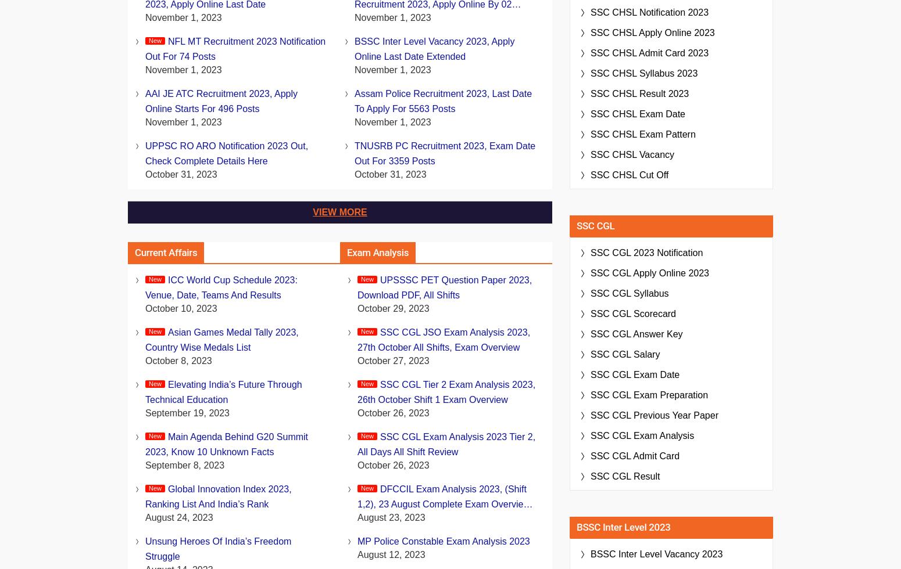 The width and height of the screenshot is (901, 569). What do you see at coordinates (445, 153) in the screenshot?
I see `'TNUSRB PC Recruitment 2023, Exam Date Out For 3359 Posts'` at bounding box center [445, 153].